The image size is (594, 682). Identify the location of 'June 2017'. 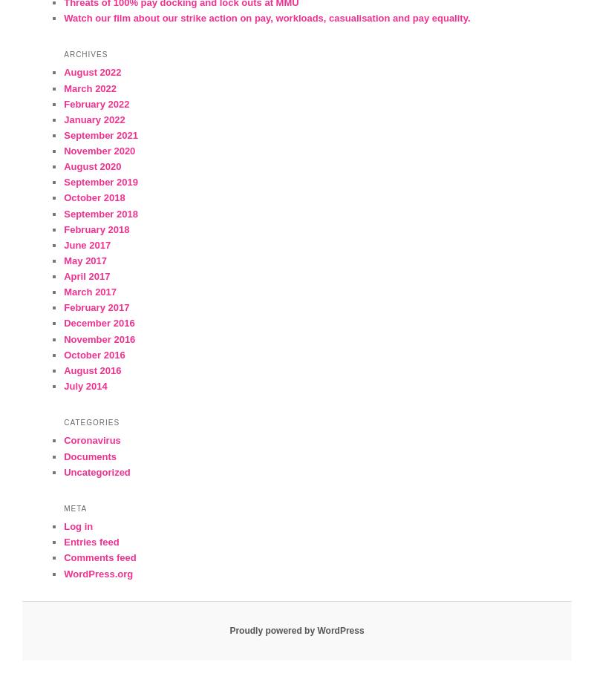
(86, 243).